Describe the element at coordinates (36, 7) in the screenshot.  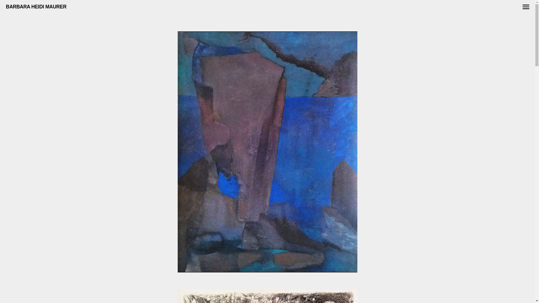
I see `'BARBARA HEIDI MAURER'` at that location.